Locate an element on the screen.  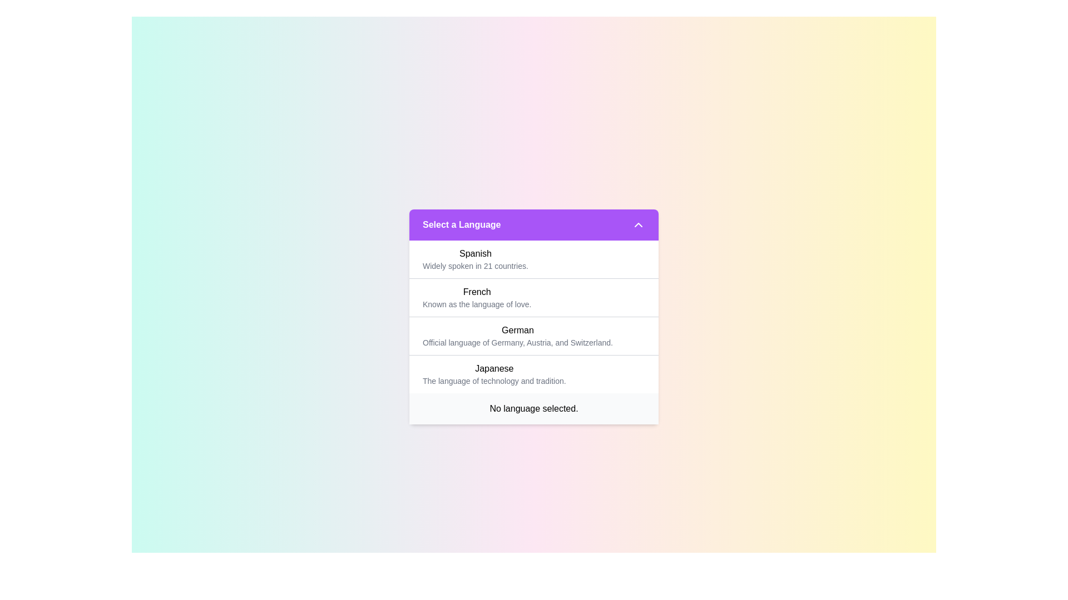
text label that contains the word 'German' which is positioned under the header 'Select a Language' and above the description 'Official language of Germany, Austria, and Switzerland.' is located at coordinates (517, 329).